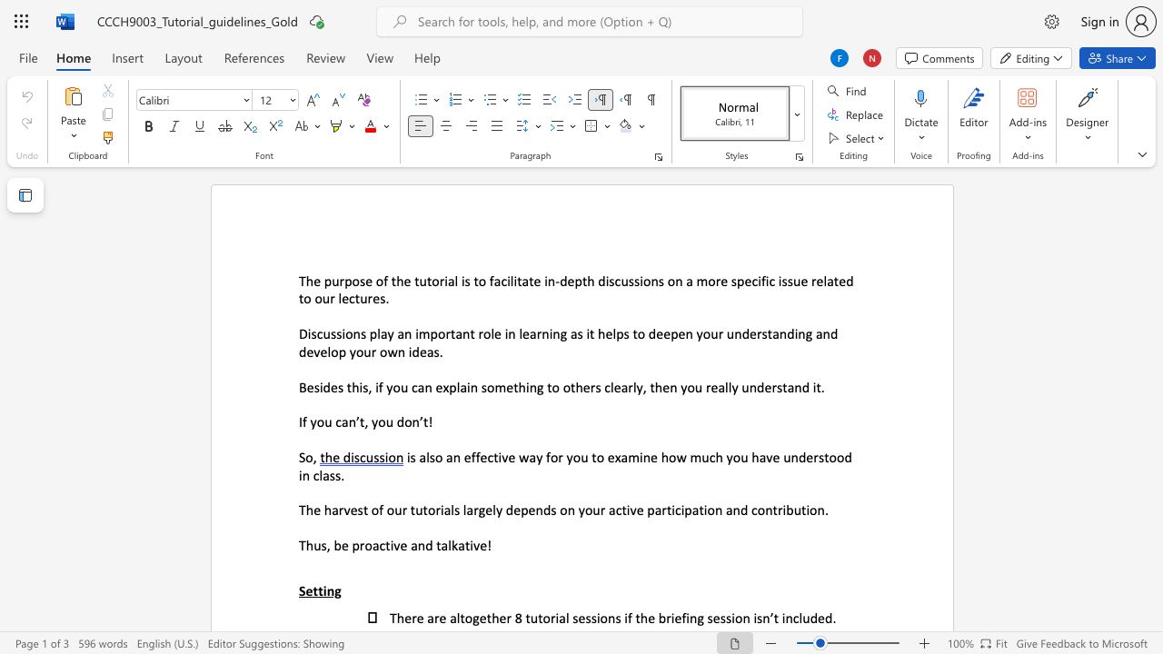  I want to click on the 1th character "d" in the text, so click(801, 456).